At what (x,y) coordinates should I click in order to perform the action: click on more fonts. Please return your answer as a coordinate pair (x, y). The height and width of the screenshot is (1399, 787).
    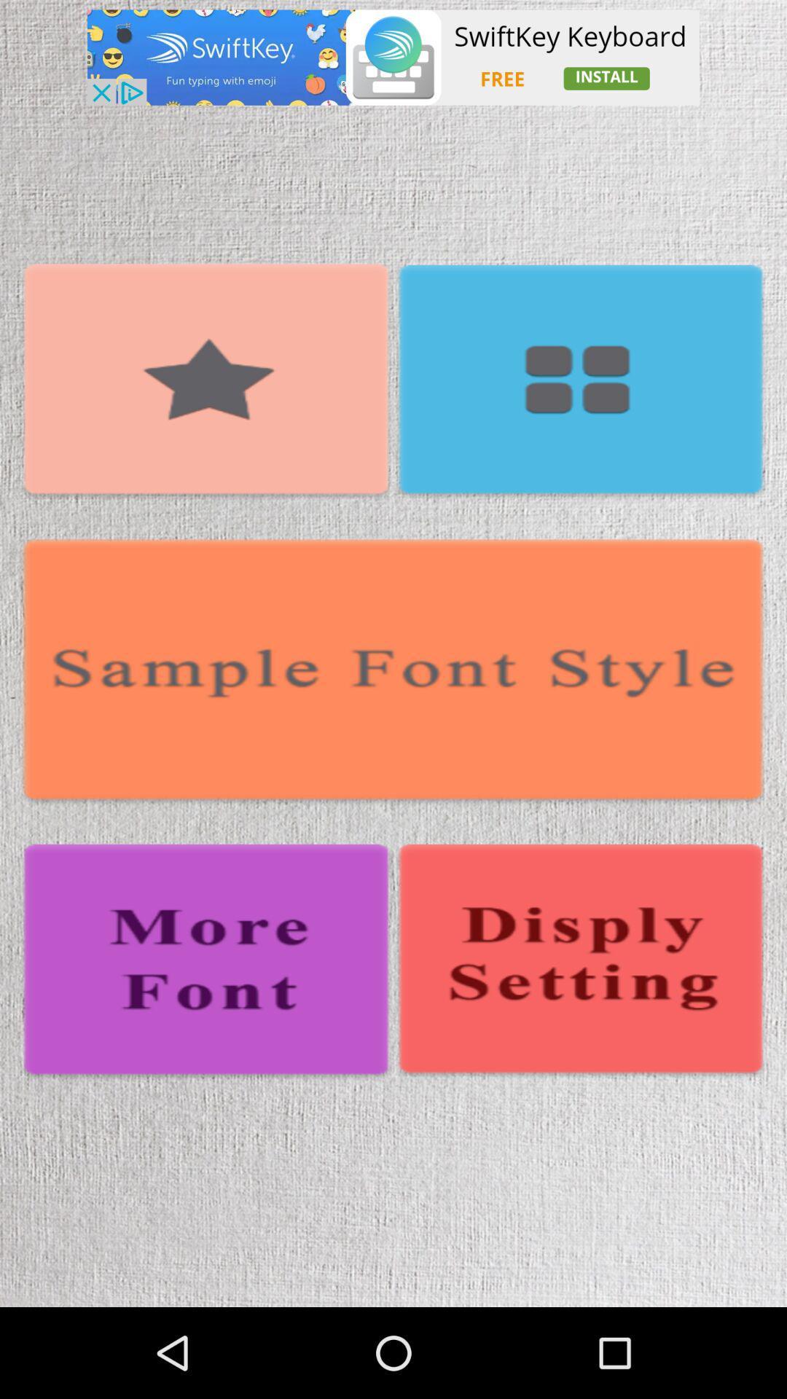
    Looking at the image, I should click on (206, 963).